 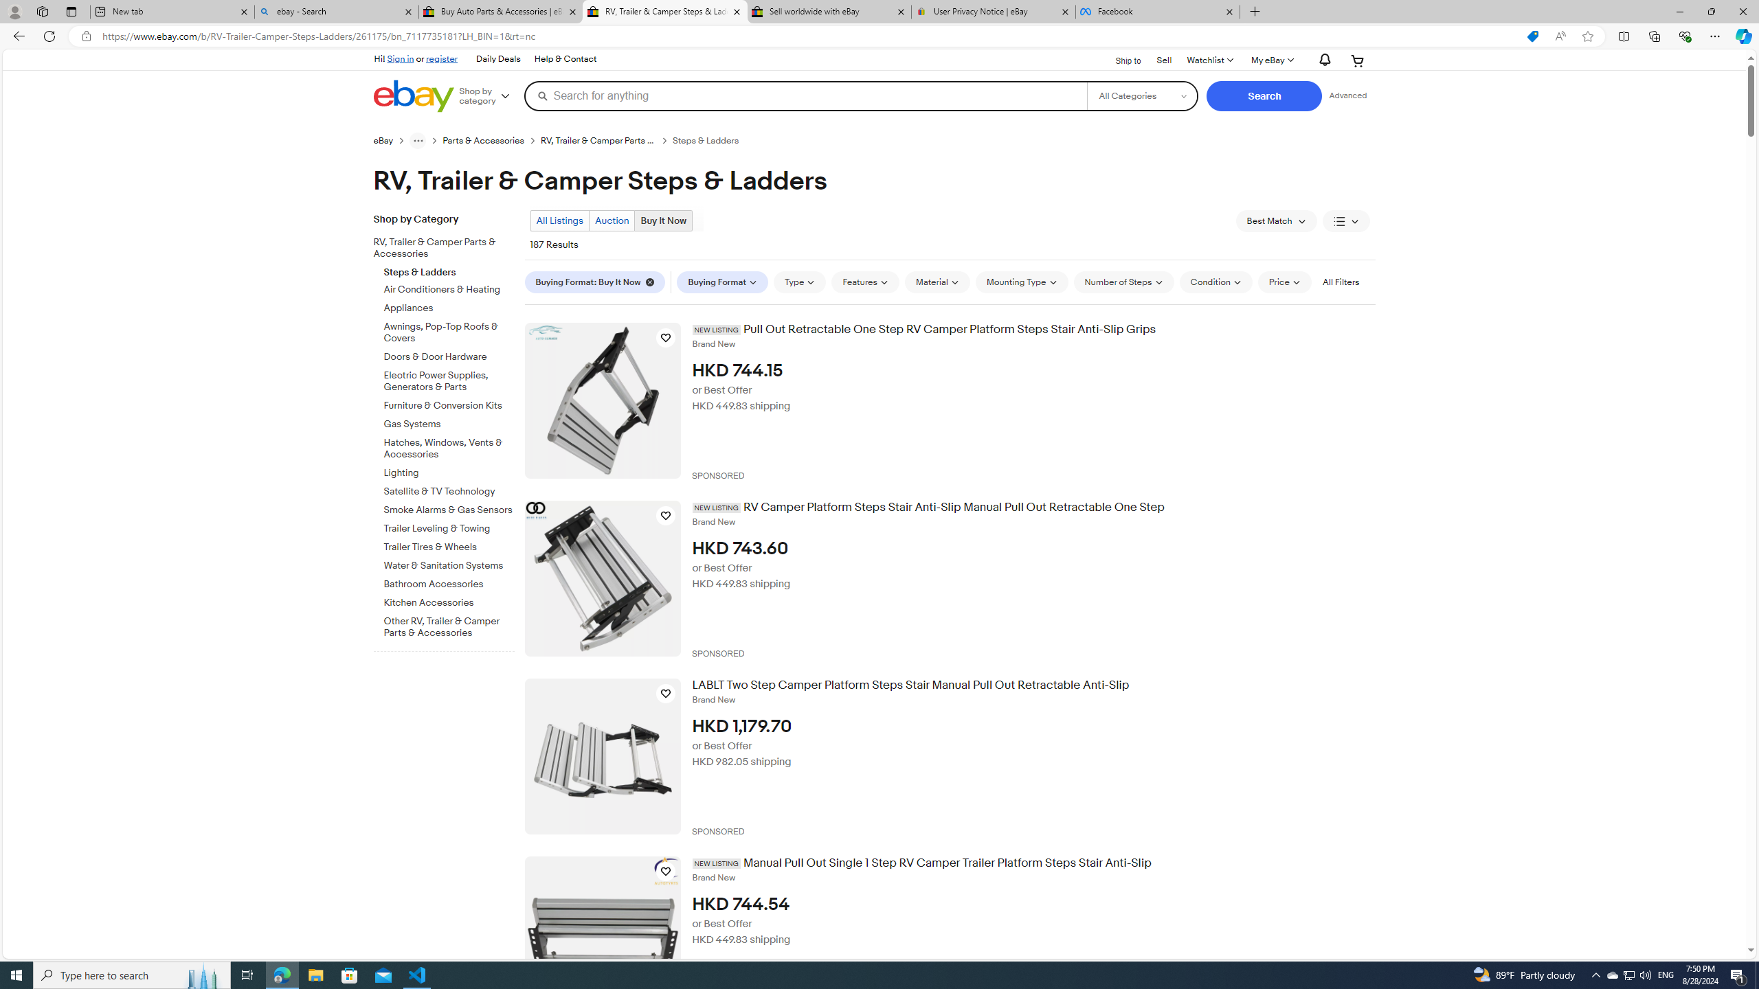 I want to click on 'Buying Format: Buy It Now - Remove Filter', so click(x=594, y=282).